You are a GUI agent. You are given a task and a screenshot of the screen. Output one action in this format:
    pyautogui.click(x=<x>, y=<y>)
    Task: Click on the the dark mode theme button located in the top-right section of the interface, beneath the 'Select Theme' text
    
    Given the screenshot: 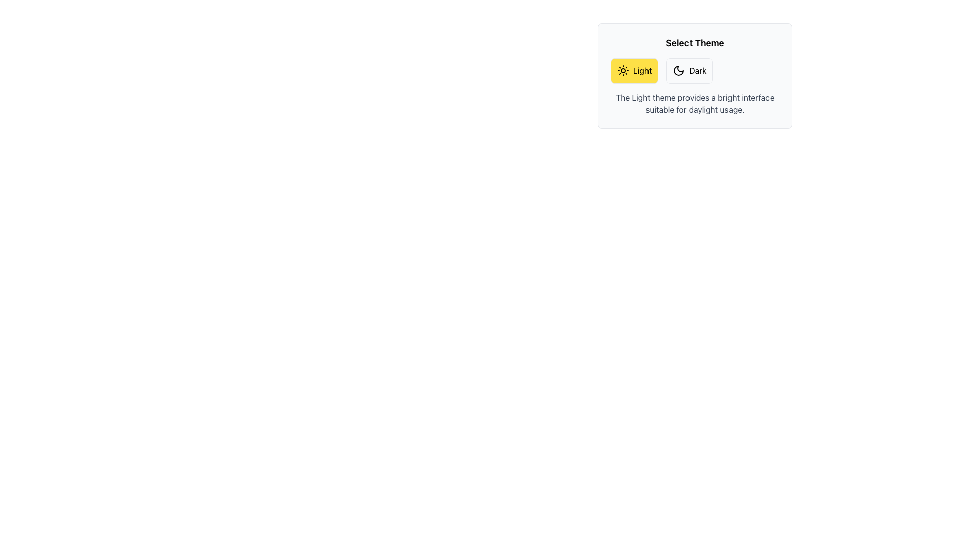 What is the action you would take?
    pyautogui.click(x=689, y=70)
    